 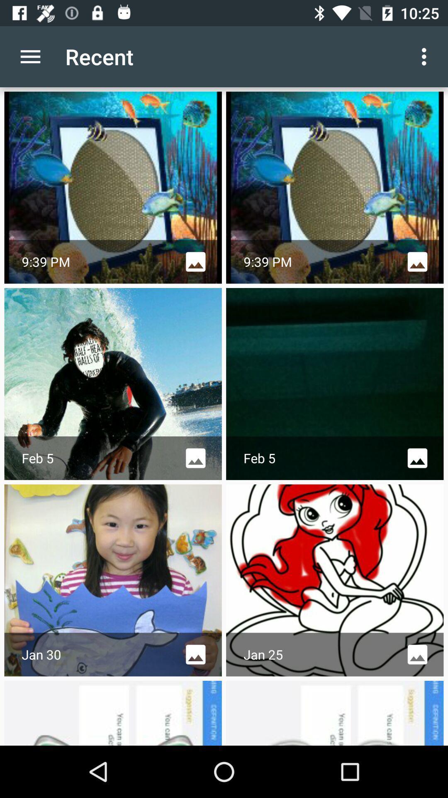 I want to click on 1st image in the 2nd row below recent, so click(x=113, y=384).